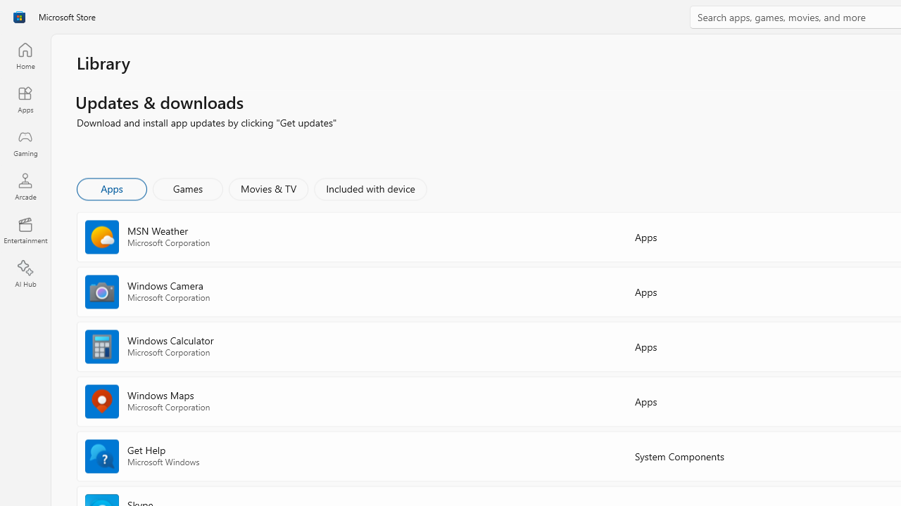  What do you see at coordinates (111, 188) in the screenshot?
I see `'Apps'` at bounding box center [111, 188].